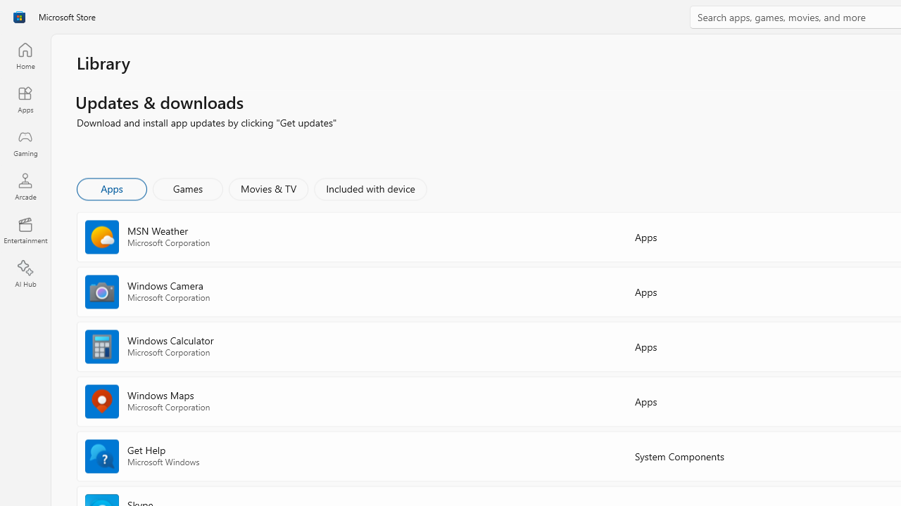  What do you see at coordinates (111, 188) in the screenshot?
I see `'Apps'` at bounding box center [111, 188].